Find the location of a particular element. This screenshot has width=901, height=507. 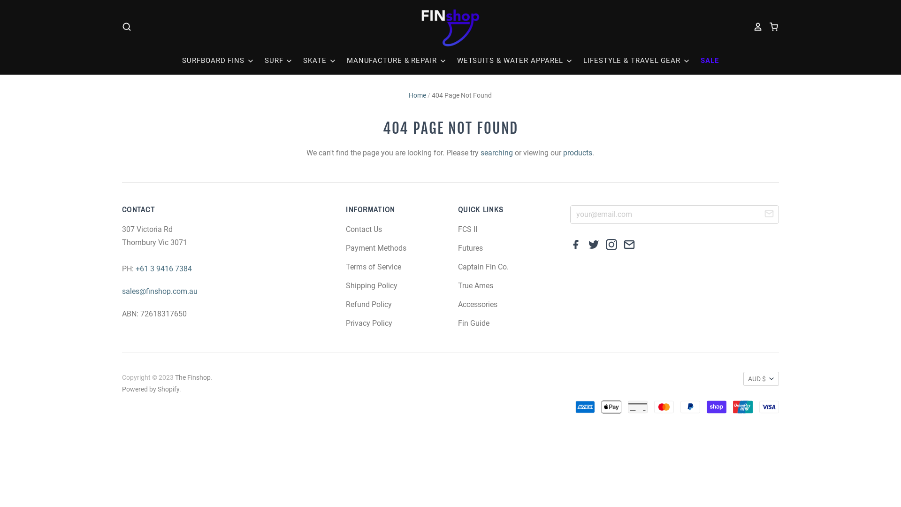

'SKATE' is located at coordinates (315, 60).